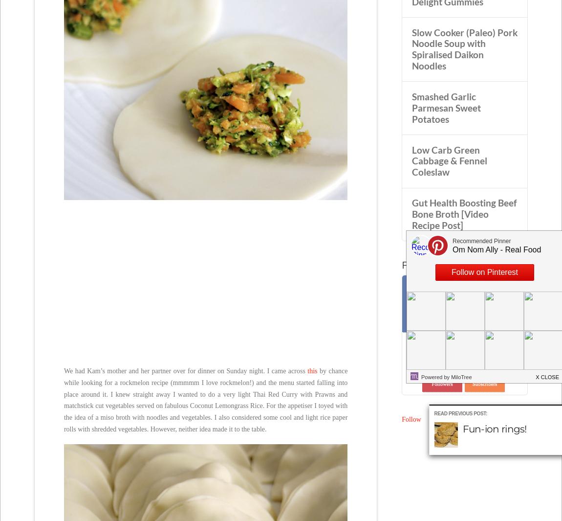 The width and height of the screenshot is (562, 521). Describe the element at coordinates (422, 324) in the screenshot. I see `'Fans'` at that location.